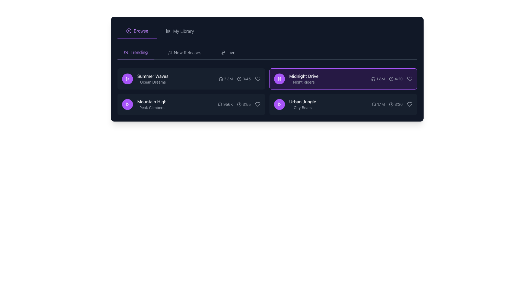 The image size is (521, 293). What do you see at coordinates (303, 79) in the screenshot?
I see `the label displaying the track title 'Midnight Drive' and artist 'Night Riders' in the playlist interface` at bounding box center [303, 79].